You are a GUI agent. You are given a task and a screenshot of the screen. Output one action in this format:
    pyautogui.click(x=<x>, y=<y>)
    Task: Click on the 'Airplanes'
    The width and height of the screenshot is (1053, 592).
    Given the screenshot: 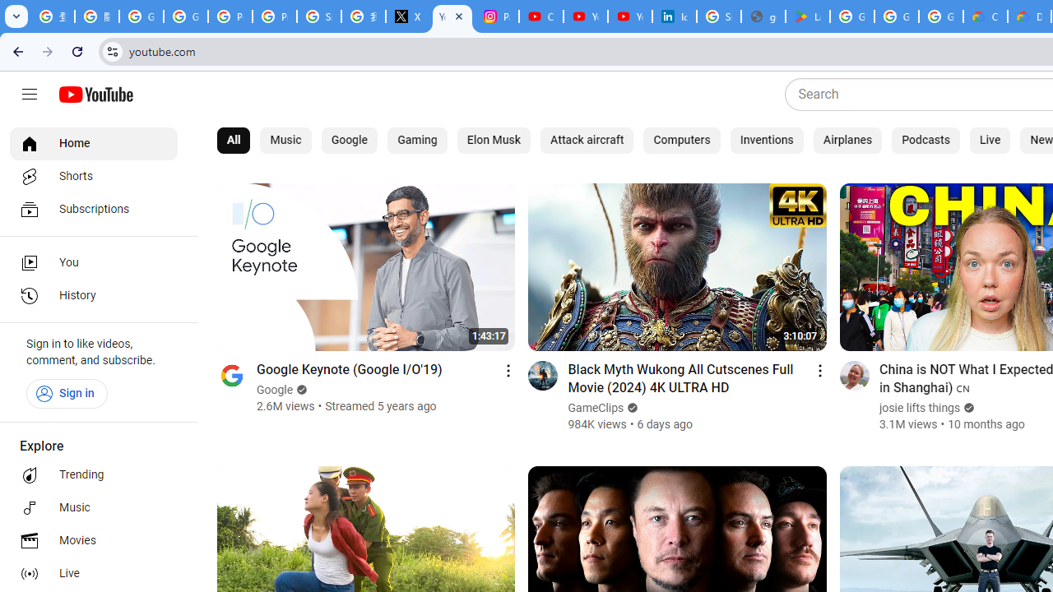 What is the action you would take?
    pyautogui.click(x=847, y=140)
    